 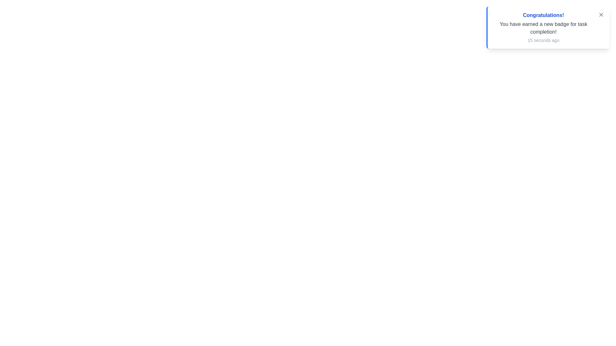 I want to click on the notification area to read the message, so click(x=548, y=27).